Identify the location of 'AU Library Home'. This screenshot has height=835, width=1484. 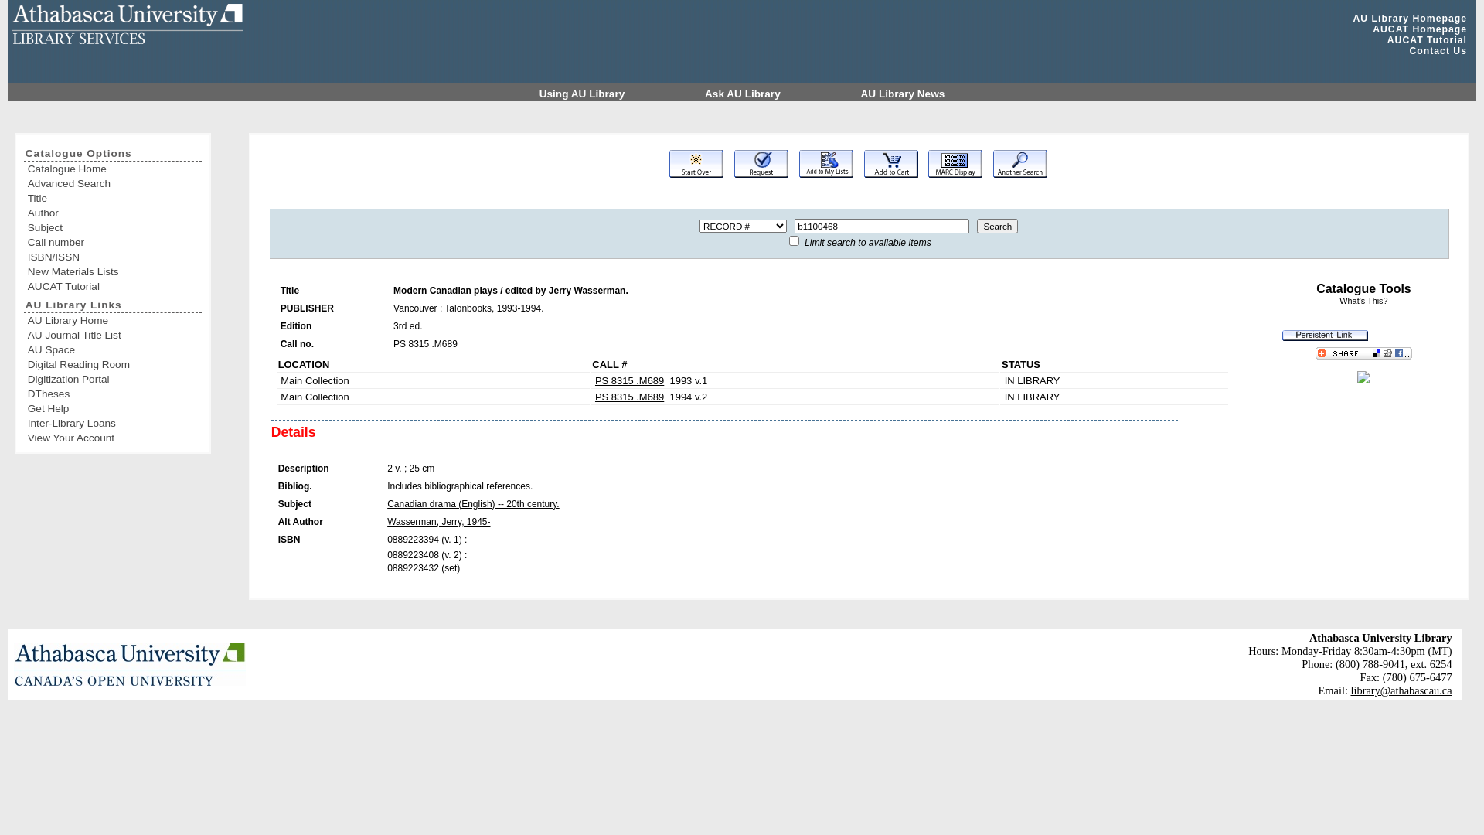
(113, 319).